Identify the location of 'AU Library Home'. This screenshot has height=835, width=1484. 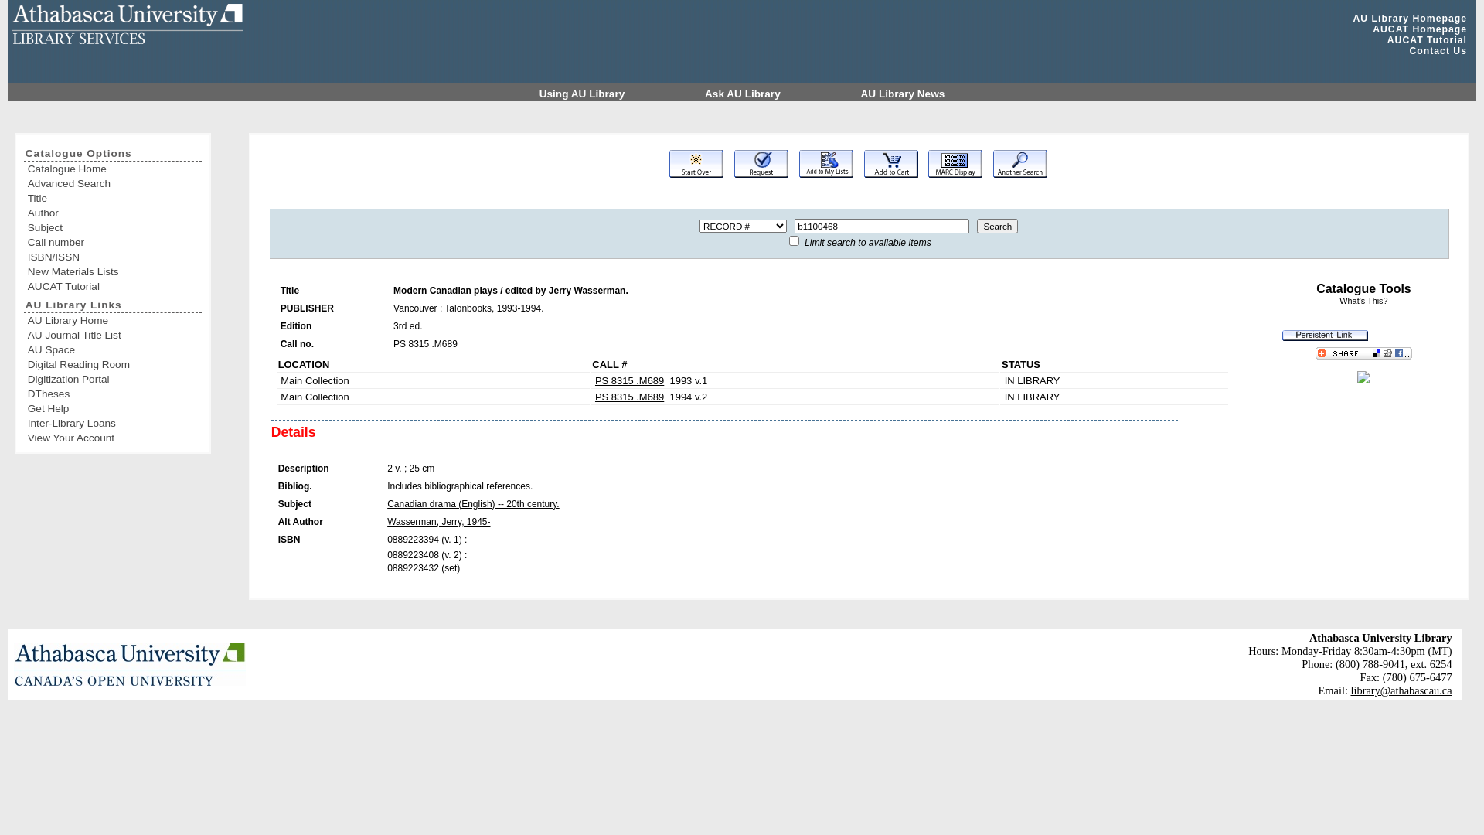
(113, 319).